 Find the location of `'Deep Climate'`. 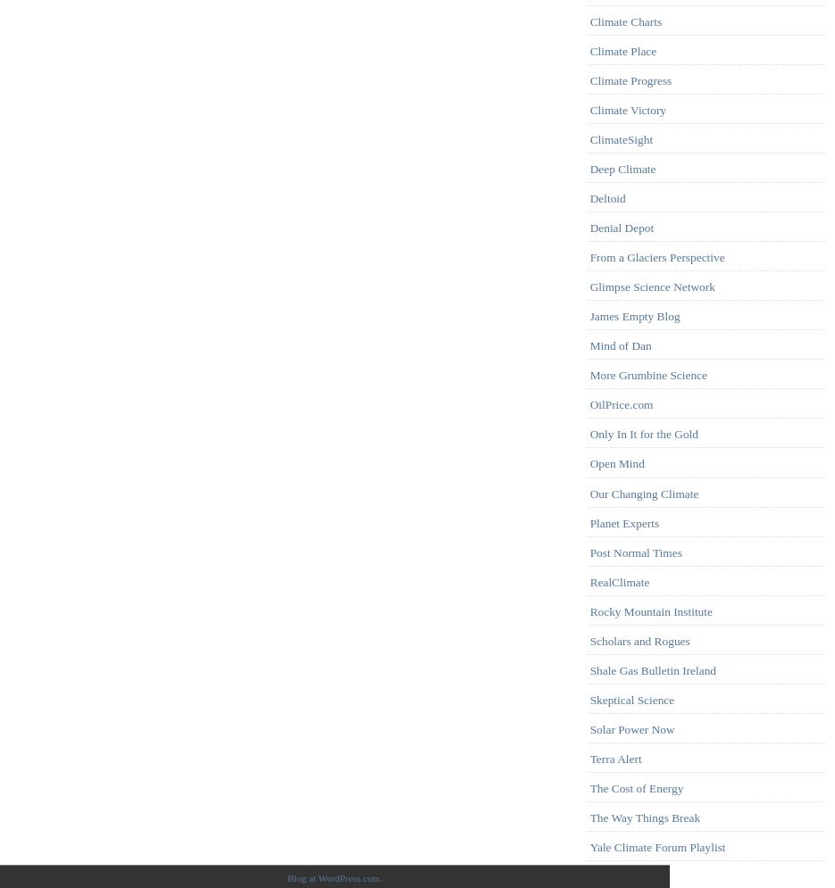

'Deep Climate' is located at coordinates (622, 168).